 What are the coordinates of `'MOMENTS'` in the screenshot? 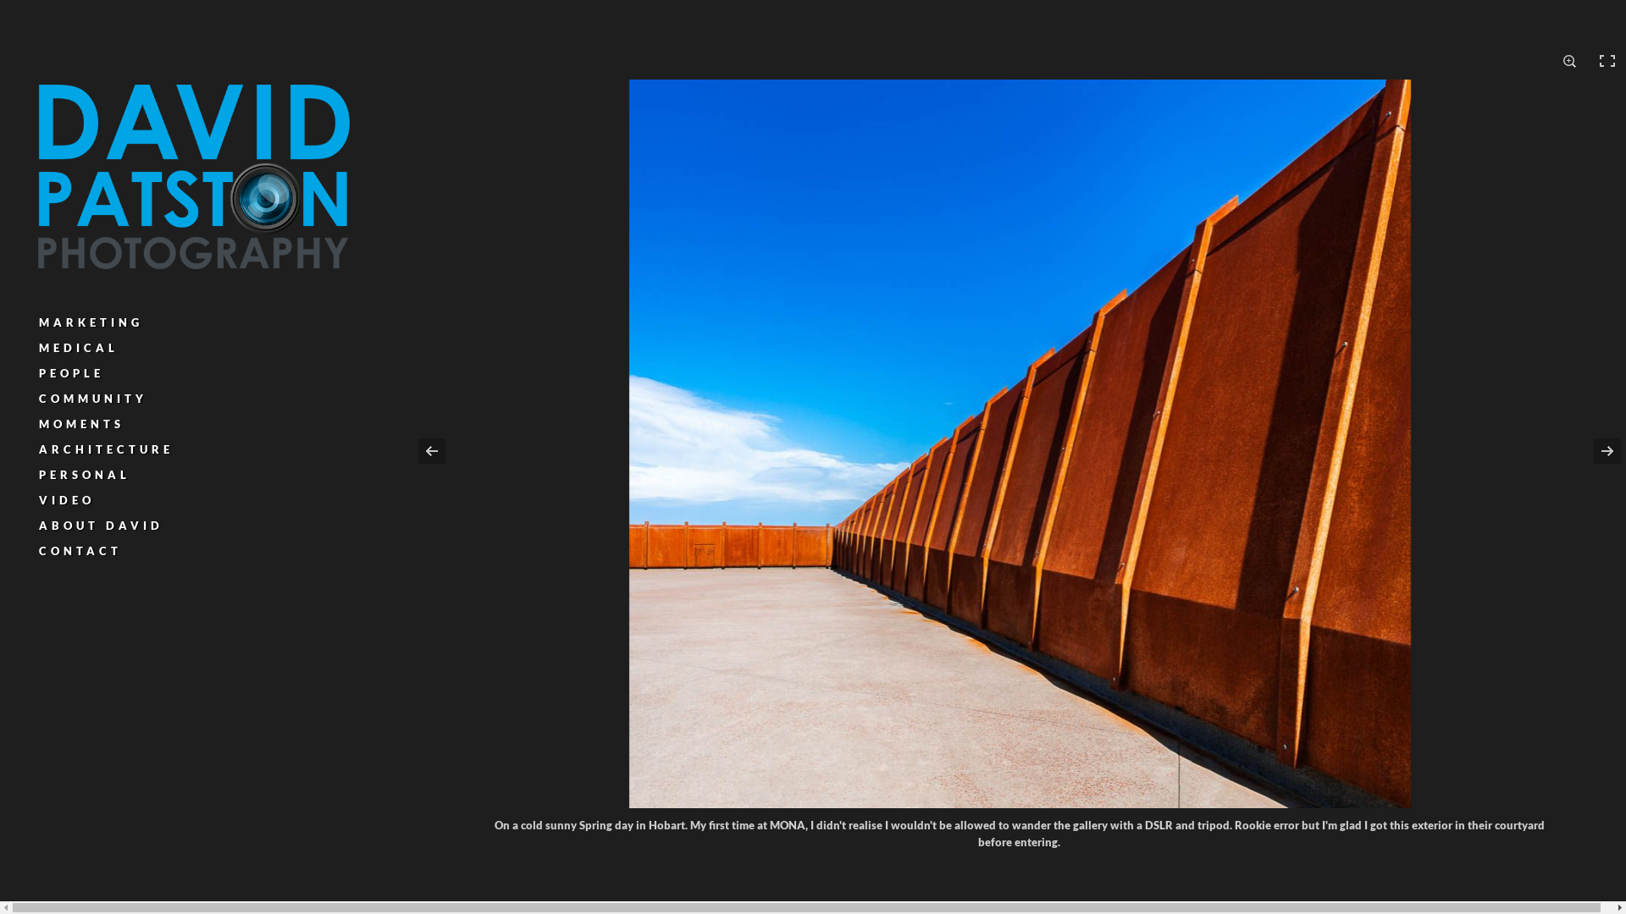 It's located at (39, 423).